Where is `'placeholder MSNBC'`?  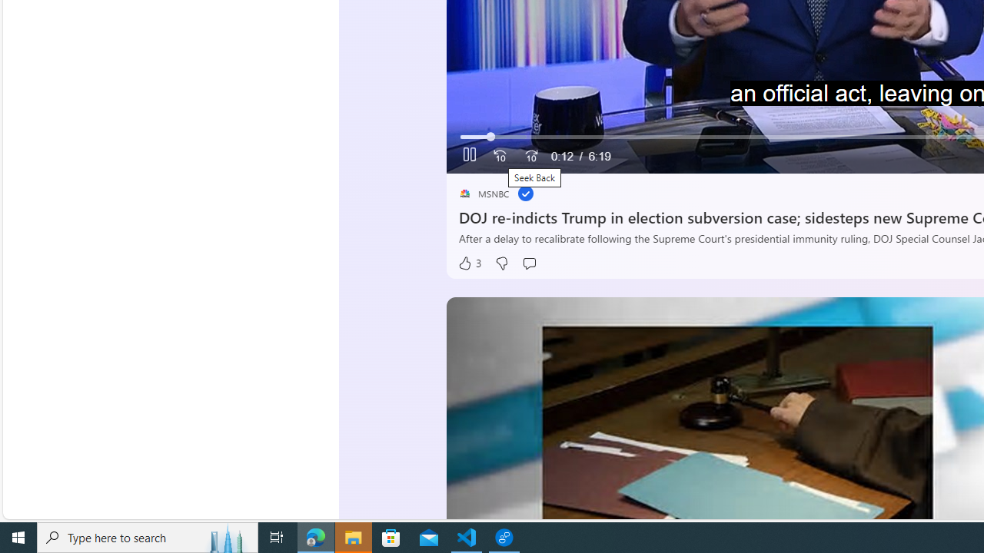 'placeholder MSNBC' is located at coordinates (483, 193).